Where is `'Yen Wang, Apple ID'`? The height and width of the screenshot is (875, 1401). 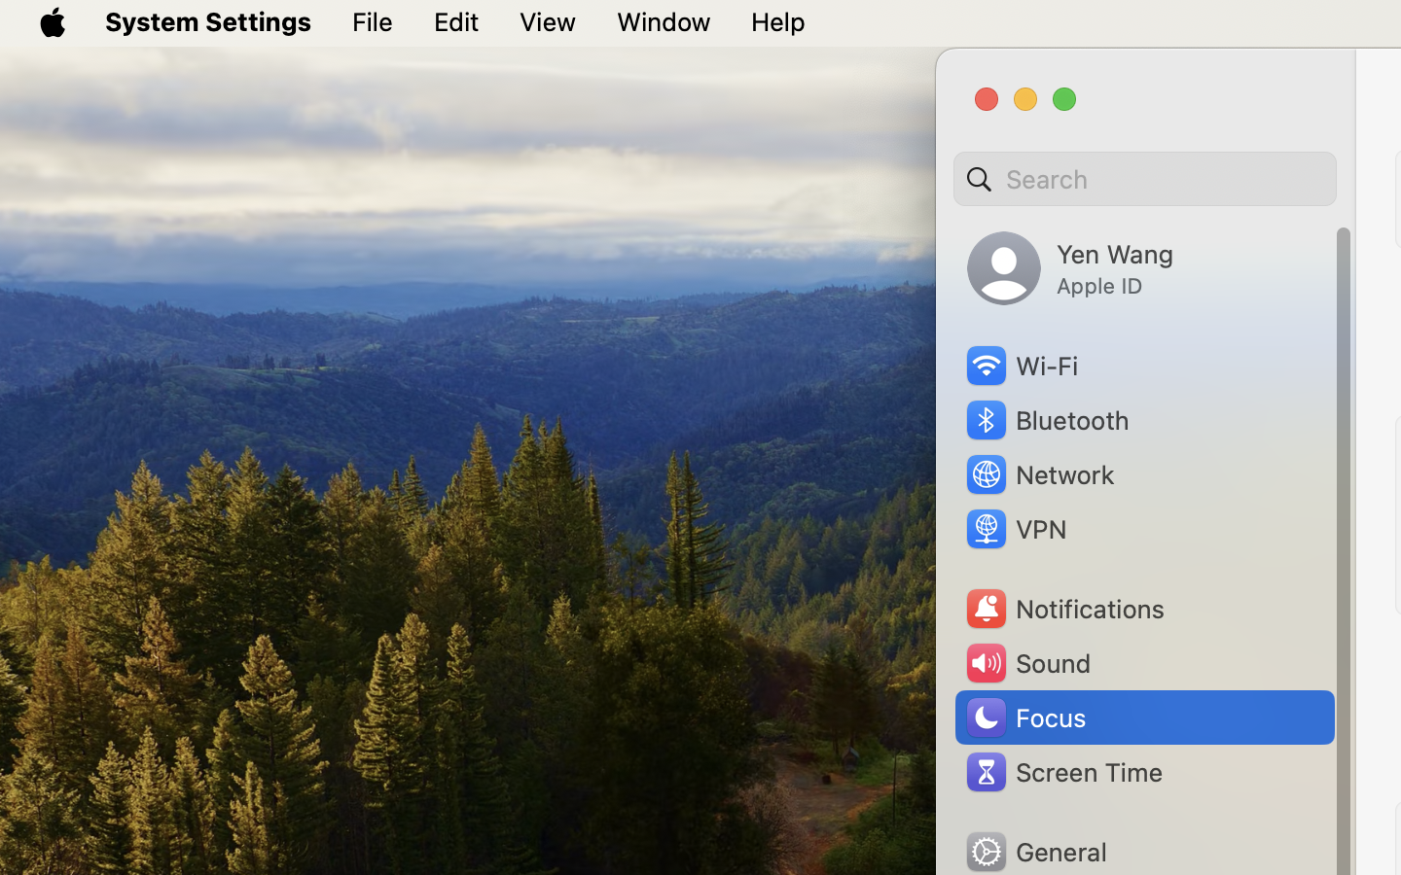 'Yen Wang, Apple ID' is located at coordinates (1069, 267).